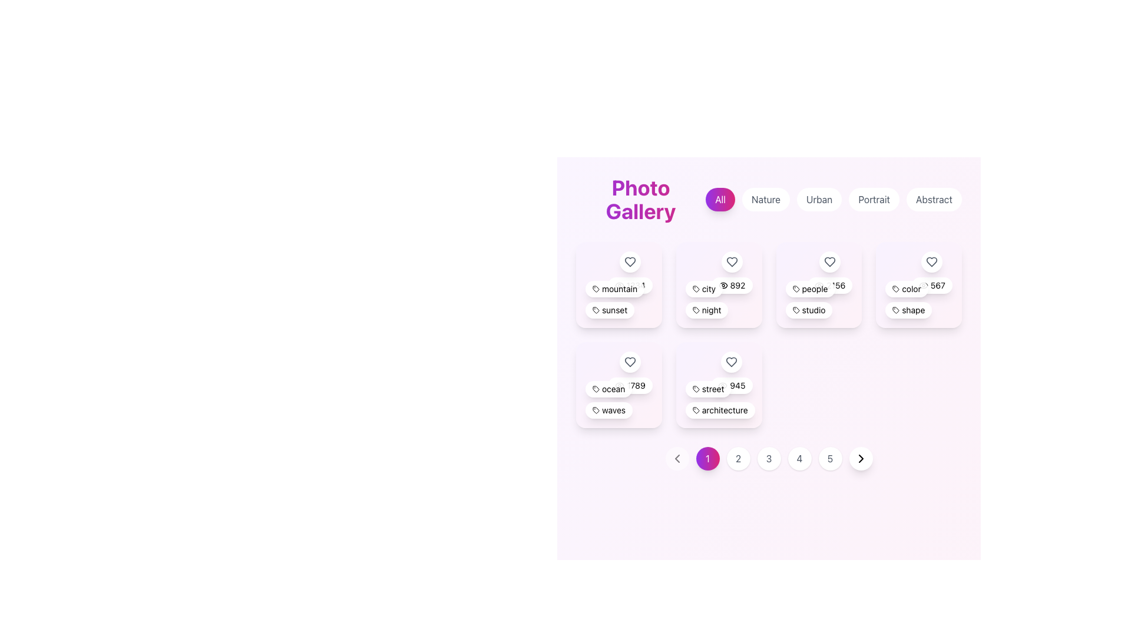  I want to click on the fourth pagination button in the Photo Gallery interface, so click(799, 458).